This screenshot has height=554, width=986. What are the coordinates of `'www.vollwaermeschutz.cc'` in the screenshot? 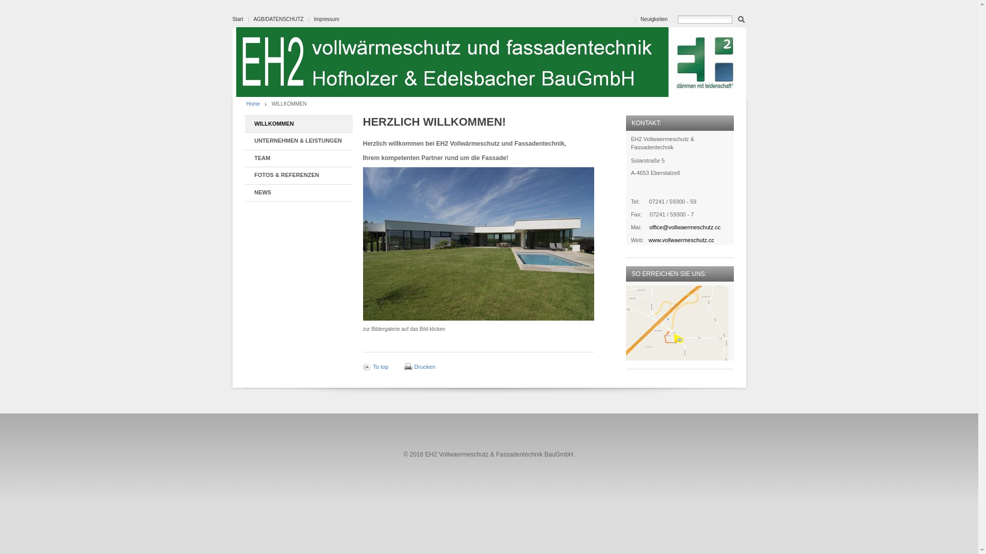 It's located at (648, 240).